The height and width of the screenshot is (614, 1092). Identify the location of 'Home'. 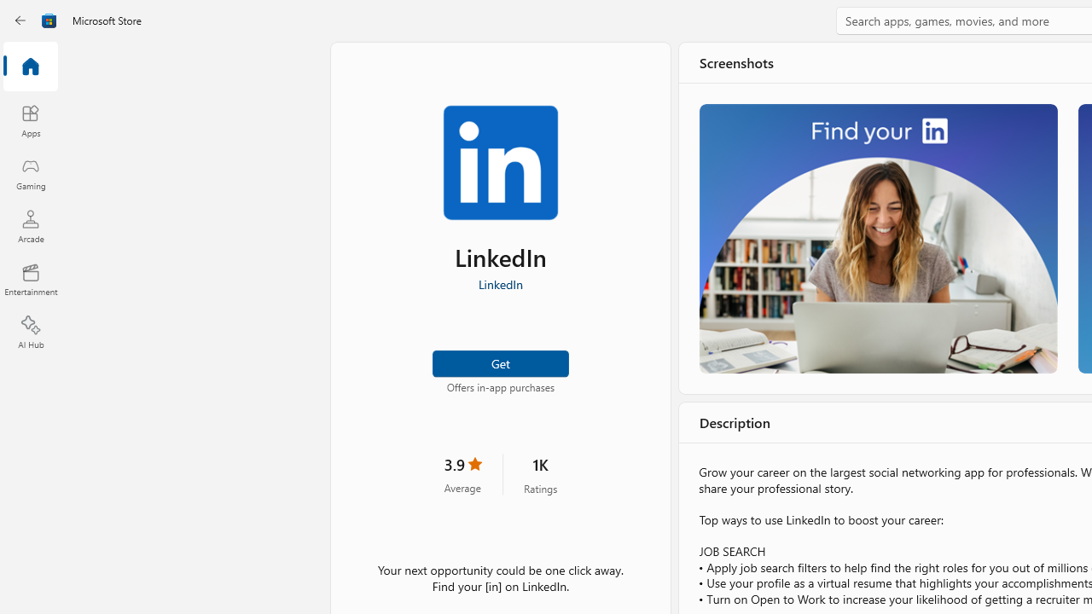
(30, 67).